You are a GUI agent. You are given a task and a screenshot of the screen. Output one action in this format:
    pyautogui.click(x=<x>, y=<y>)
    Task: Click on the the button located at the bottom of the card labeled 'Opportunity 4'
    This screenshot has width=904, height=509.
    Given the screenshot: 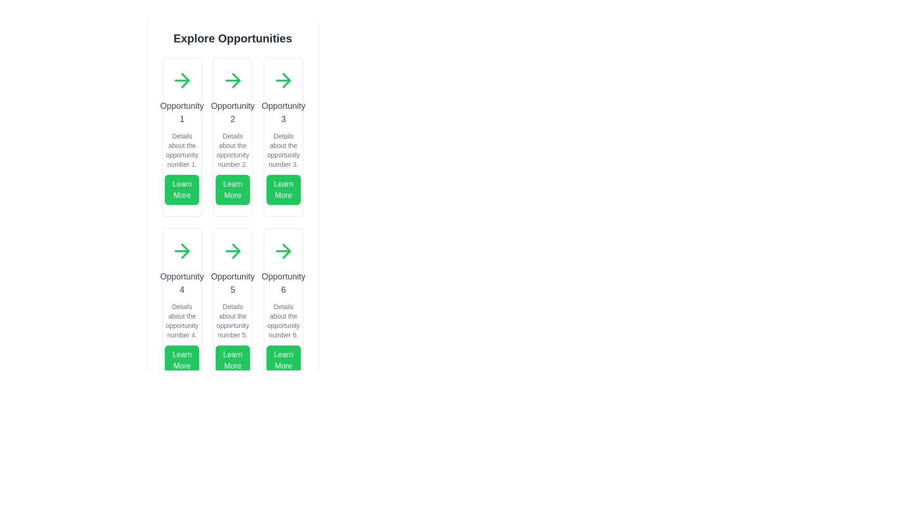 What is the action you would take?
    pyautogui.click(x=182, y=360)
    